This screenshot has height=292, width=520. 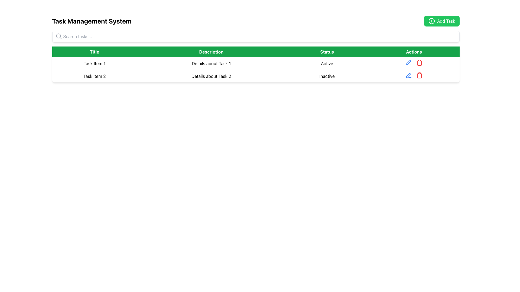 I want to click on the 'Add Task' button located to the right of the 'Task Management System' header to change its color, so click(x=442, y=21).